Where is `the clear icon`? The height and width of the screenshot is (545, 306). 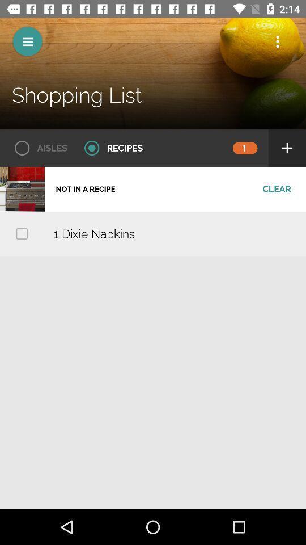 the clear icon is located at coordinates (276, 189).